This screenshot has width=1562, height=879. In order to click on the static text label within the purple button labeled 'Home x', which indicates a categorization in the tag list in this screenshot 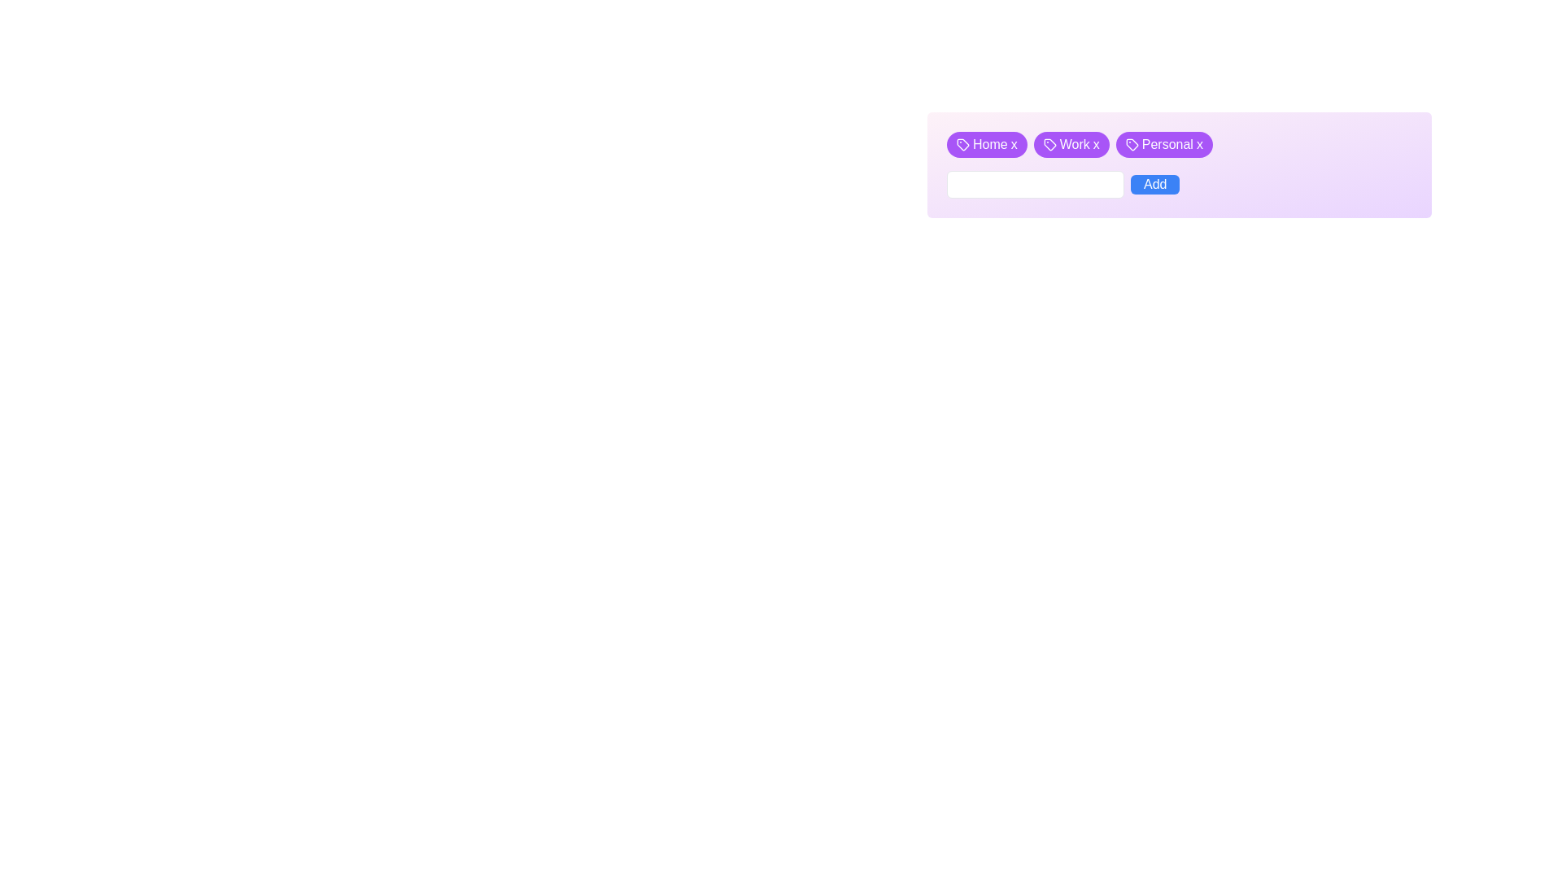, I will do `click(989, 143)`.